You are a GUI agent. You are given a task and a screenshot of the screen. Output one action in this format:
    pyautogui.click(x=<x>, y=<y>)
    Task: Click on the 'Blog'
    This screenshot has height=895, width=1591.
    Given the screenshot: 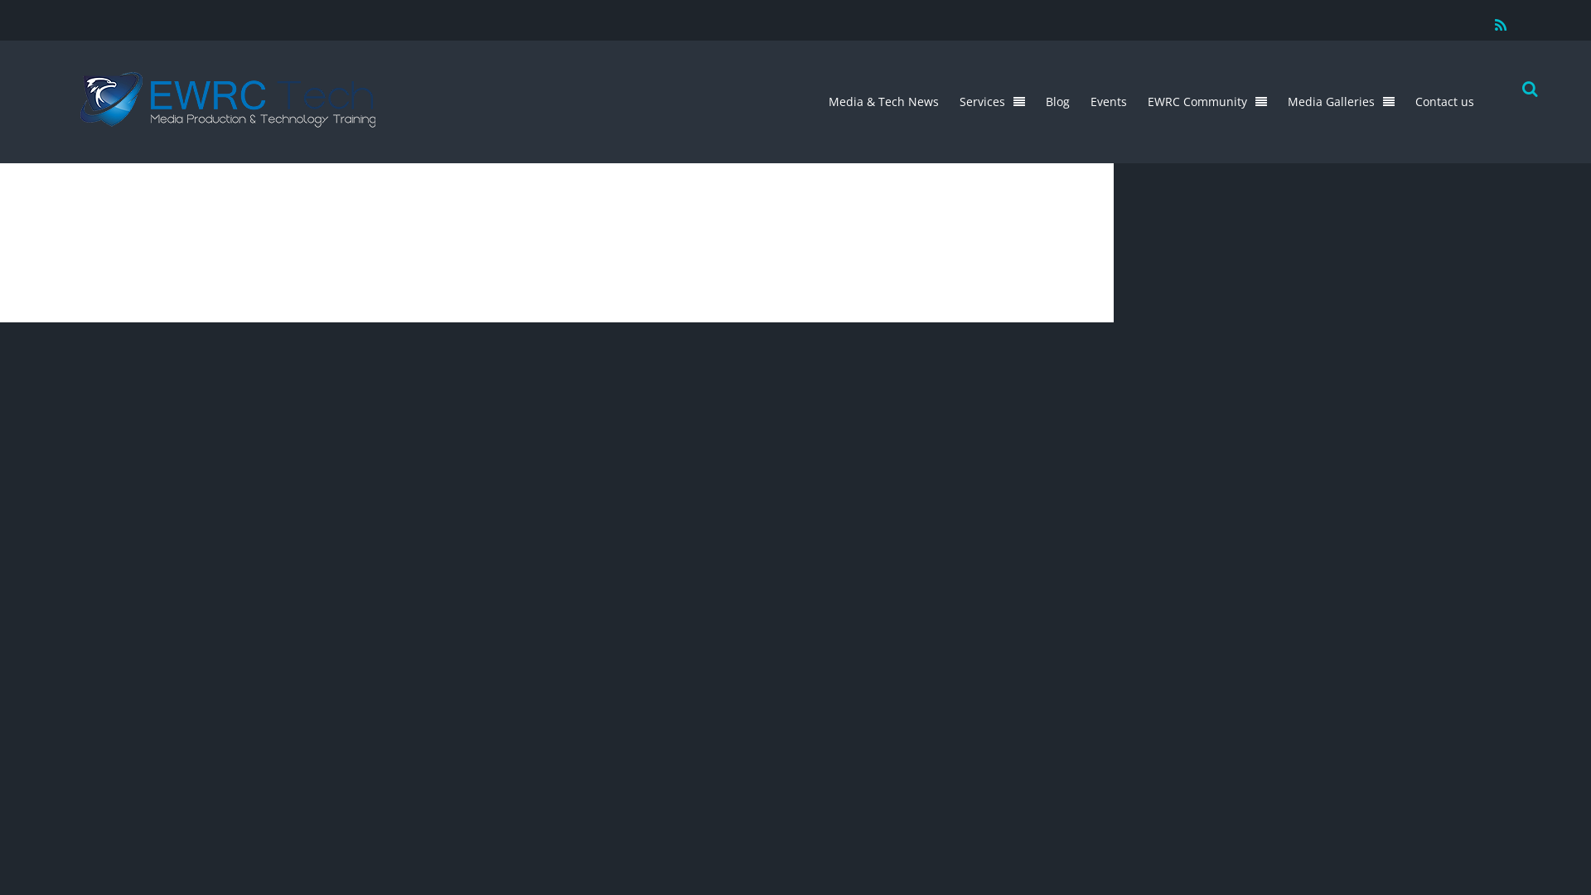 What is the action you would take?
    pyautogui.click(x=1057, y=101)
    